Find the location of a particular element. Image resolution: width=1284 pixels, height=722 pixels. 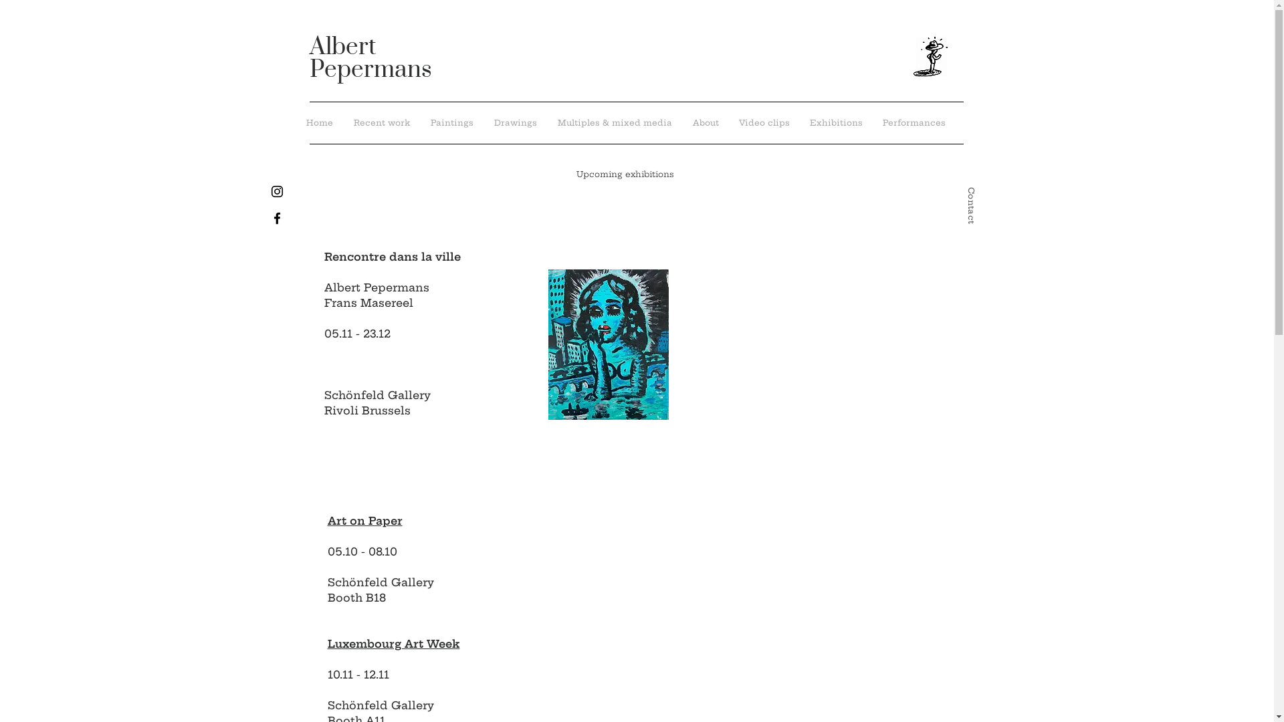

'Paintings' is located at coordinates (419, 123).